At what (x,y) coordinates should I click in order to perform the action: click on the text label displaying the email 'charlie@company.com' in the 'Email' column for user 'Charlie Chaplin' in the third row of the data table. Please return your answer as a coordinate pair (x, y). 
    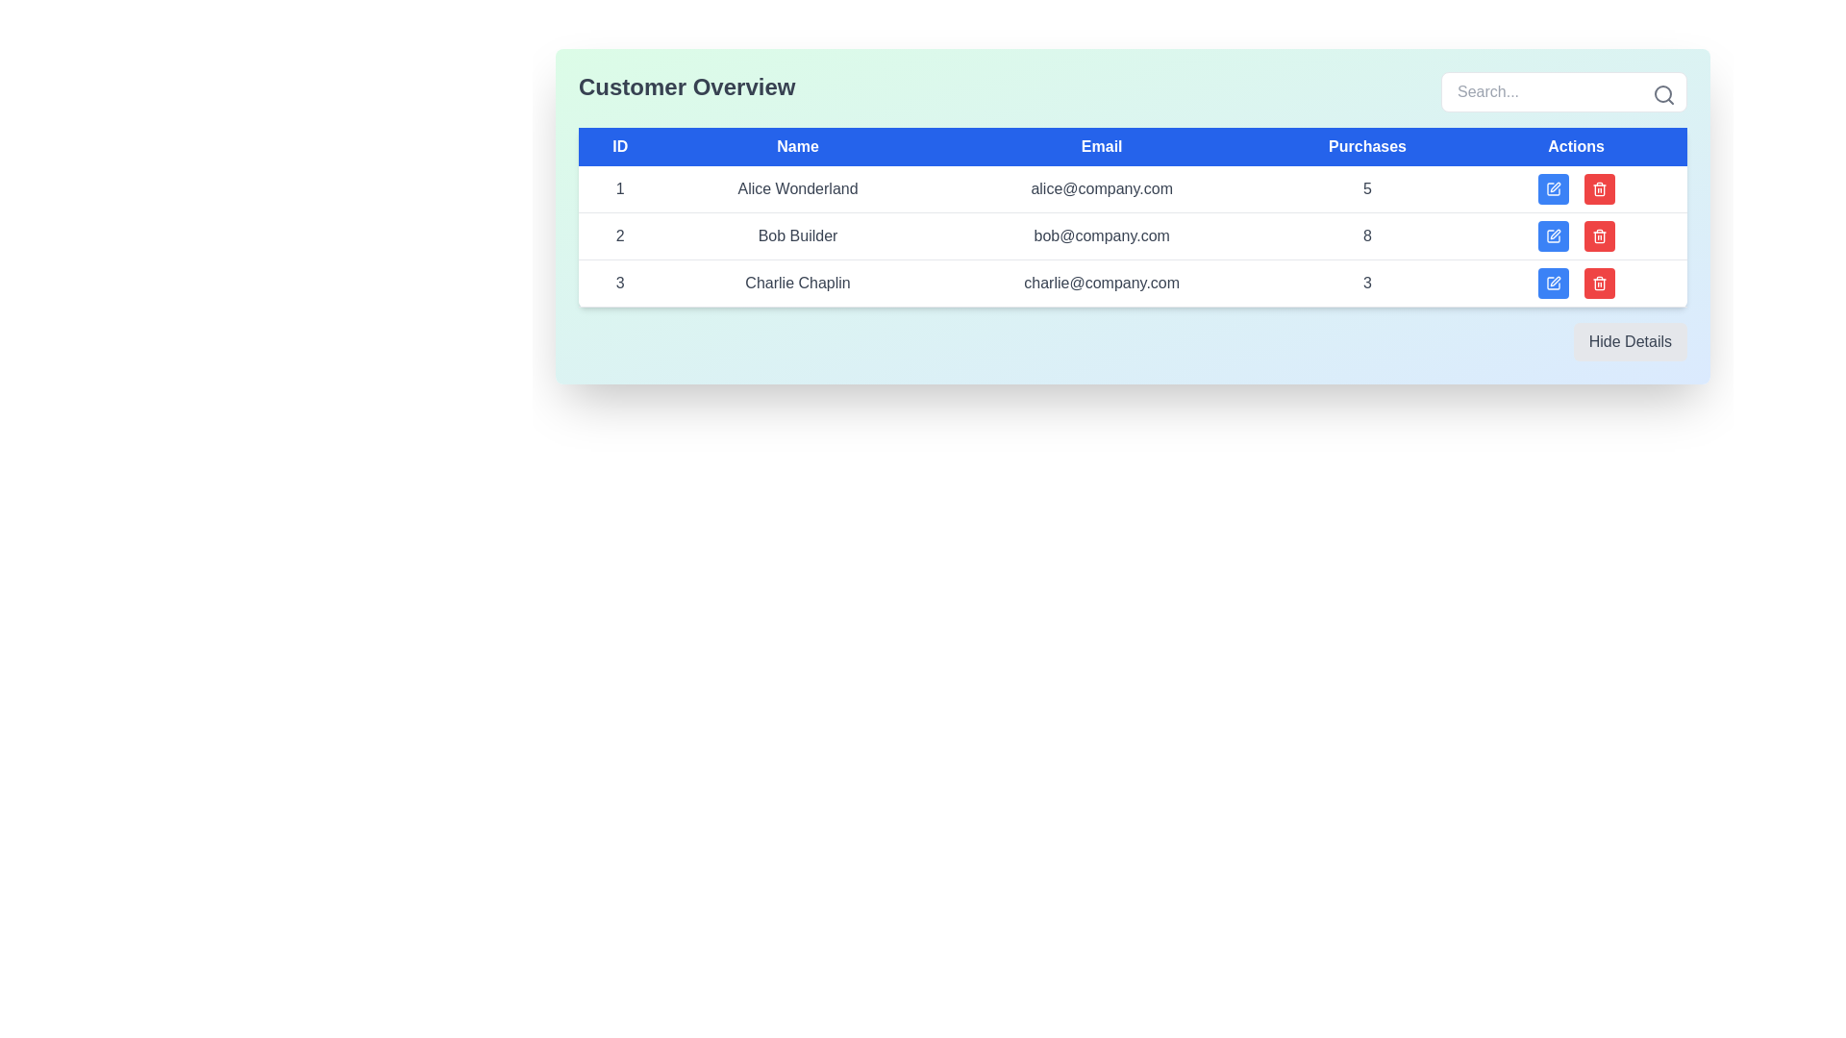
    Looking at the image, I should click on (1102, 283).